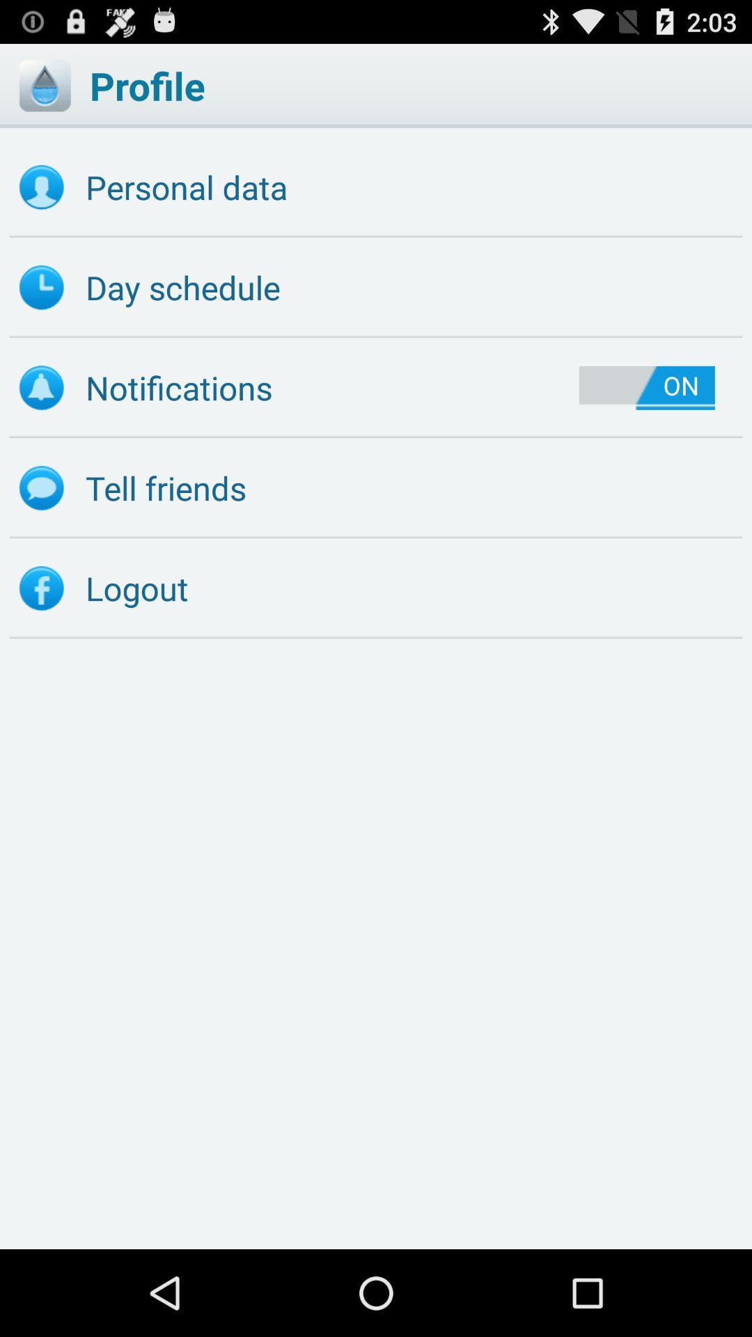 This screenshot has height=1337, width=752. Describe the element at coordinates (647, 388) in the screenshot. I see `item below day schedule icon` at that location.